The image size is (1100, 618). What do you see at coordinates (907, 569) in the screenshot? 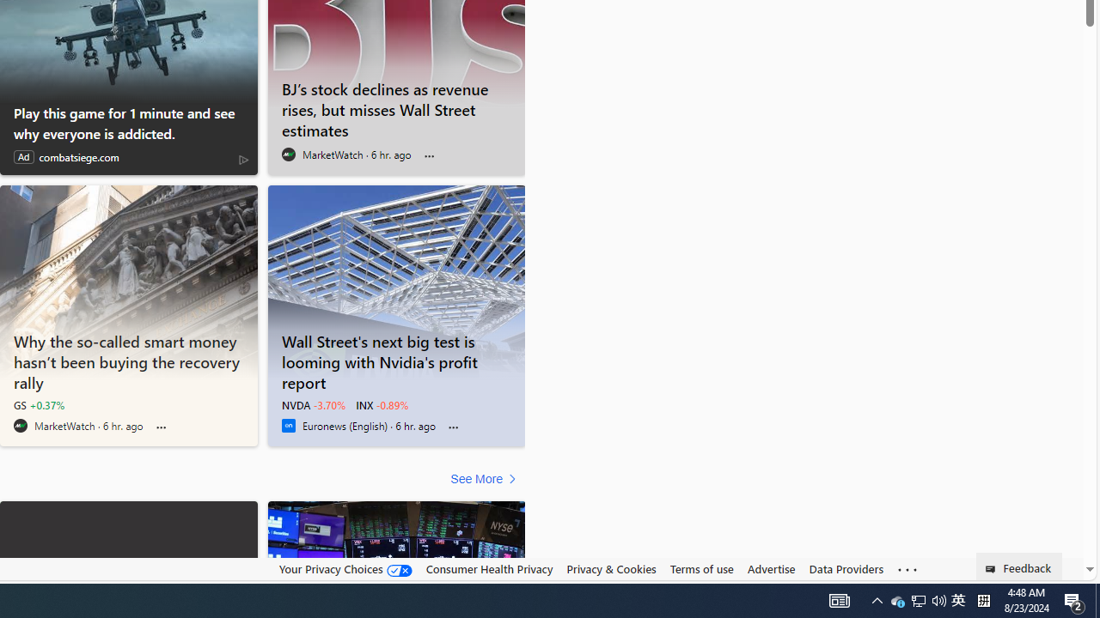
I see `'Class: oneFooter_seeMore-DS-EntryPoint1-1'` at bounding box center [907, 569].